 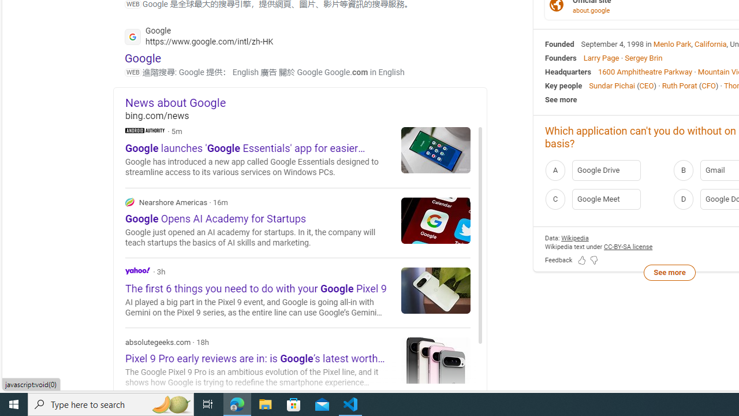 I want to click on 'Key people', so click(x=563, y=84).